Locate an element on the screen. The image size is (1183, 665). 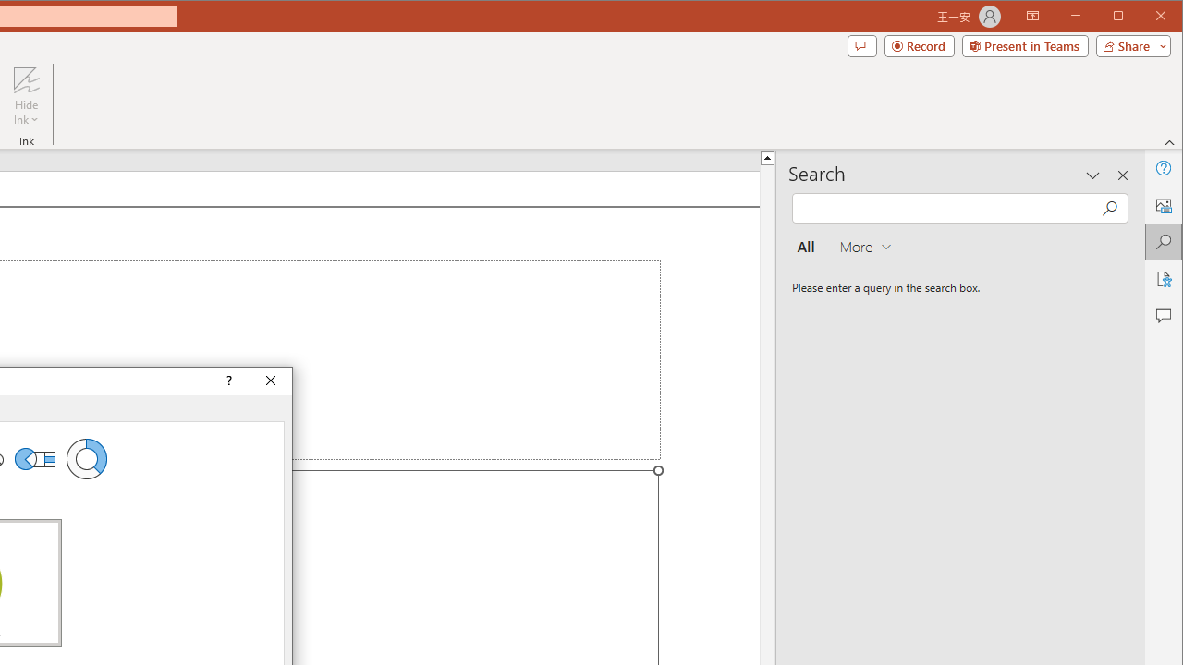
'Bar of Pie' is located at coordinates (35, 457).